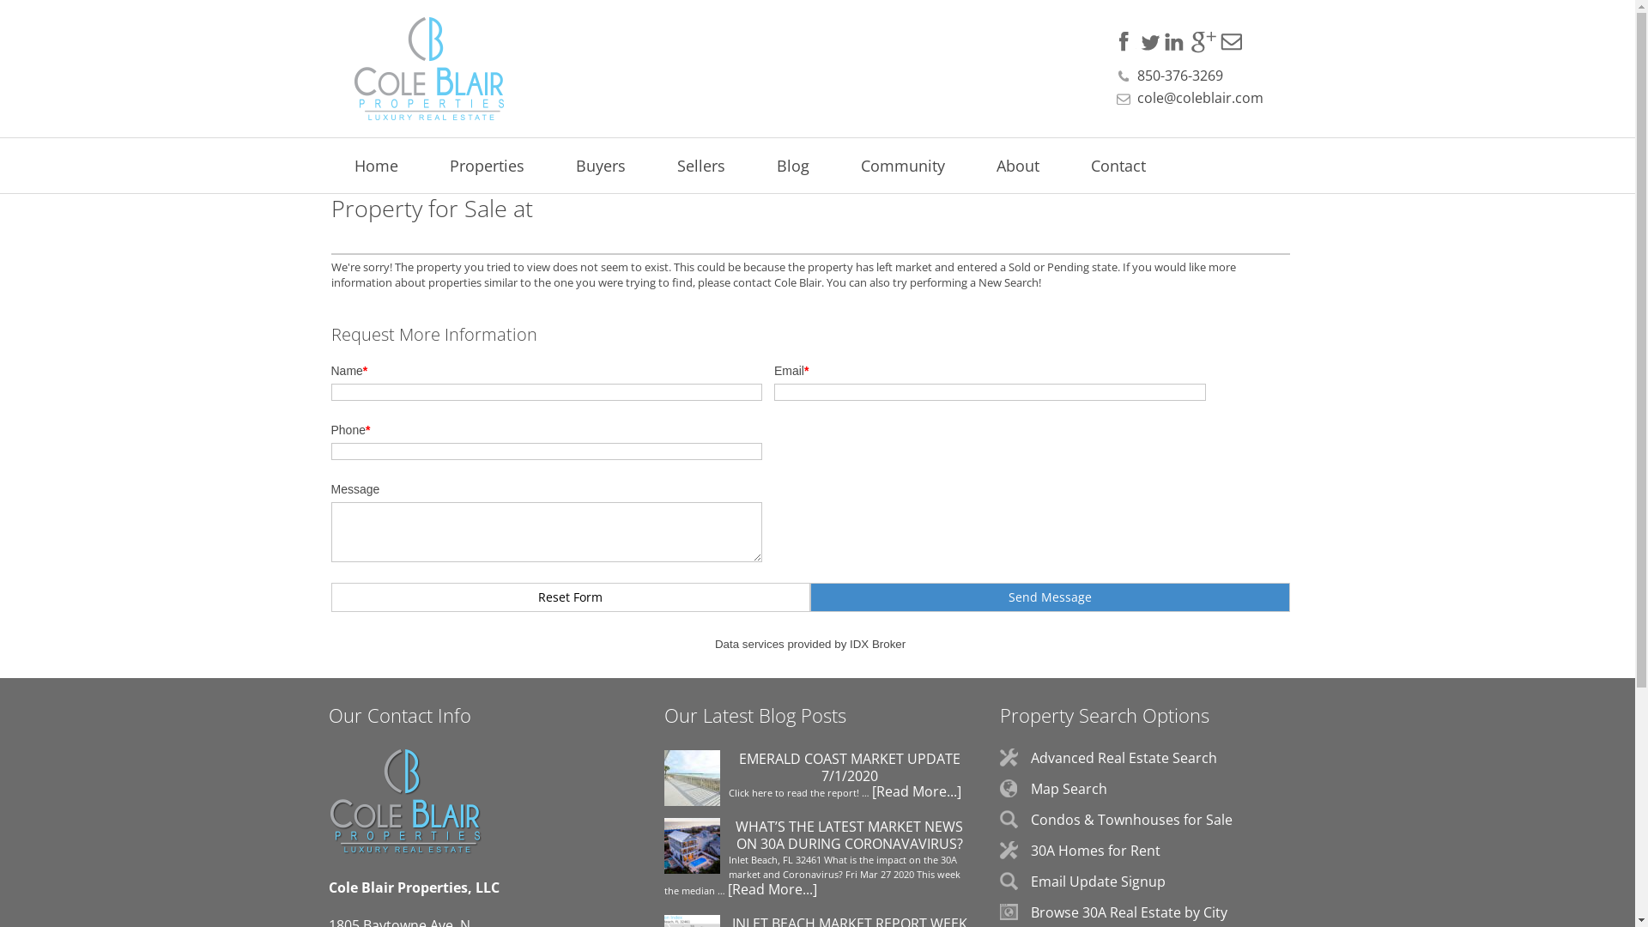 The height and width of the screenshot is (927, 1648). Describe the element at coordinates (600, 165) in the screenshot. I see `'Buyers'` at that location.